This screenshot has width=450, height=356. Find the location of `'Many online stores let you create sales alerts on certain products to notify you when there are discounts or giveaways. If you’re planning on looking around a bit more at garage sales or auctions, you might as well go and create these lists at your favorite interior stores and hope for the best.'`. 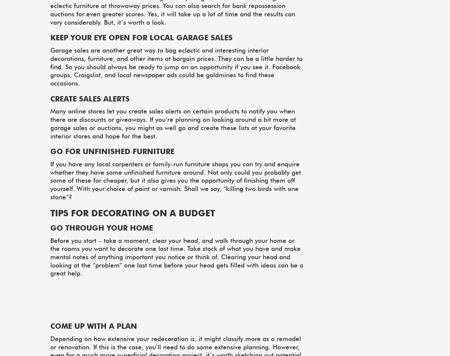

'Many online stores let you create sales alerts on certain products to notify you when there are discounts or giveaways. If you’re planning on looking around a bit more at garage sales or auctions, you might as well go and create these lists at your favorite interior stores and hope for the best.' is located at coordinates (173, 123).